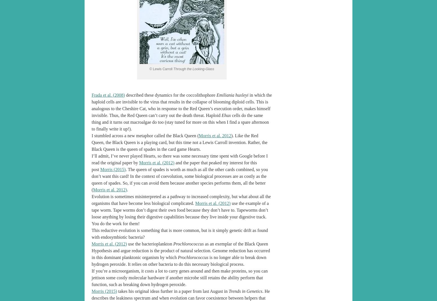  What do you see at coordinates (127, 189) in the screenshot?
I see `'.'` at bounding box center [127, 189].